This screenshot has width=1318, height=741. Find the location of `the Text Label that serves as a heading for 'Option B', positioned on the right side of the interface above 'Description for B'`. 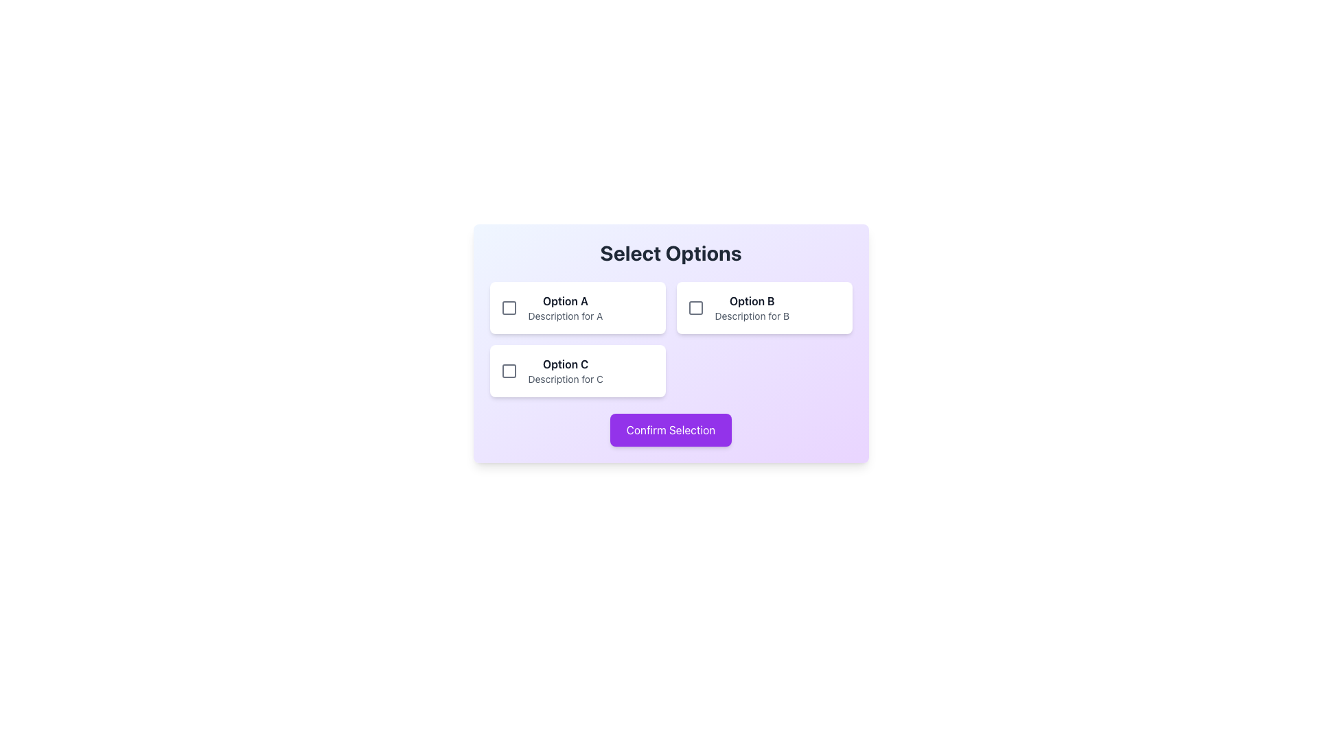

the Text Label that serves as a heading for 'Option B', positioned on the right side of the interface above 'Description for B' is located at coordinates (751, 301).